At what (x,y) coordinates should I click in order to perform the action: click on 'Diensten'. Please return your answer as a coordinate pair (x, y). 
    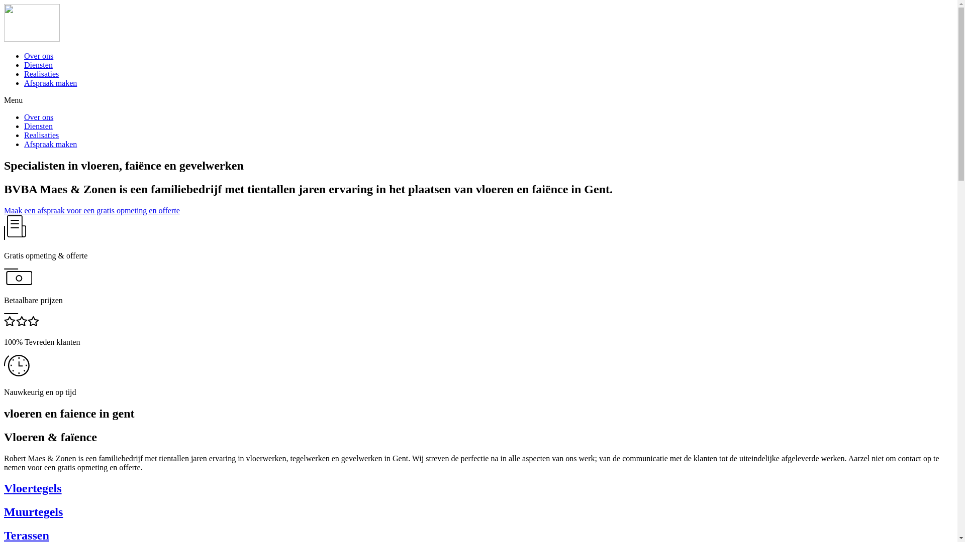
    Looking at the image, I should click on (38, 65).